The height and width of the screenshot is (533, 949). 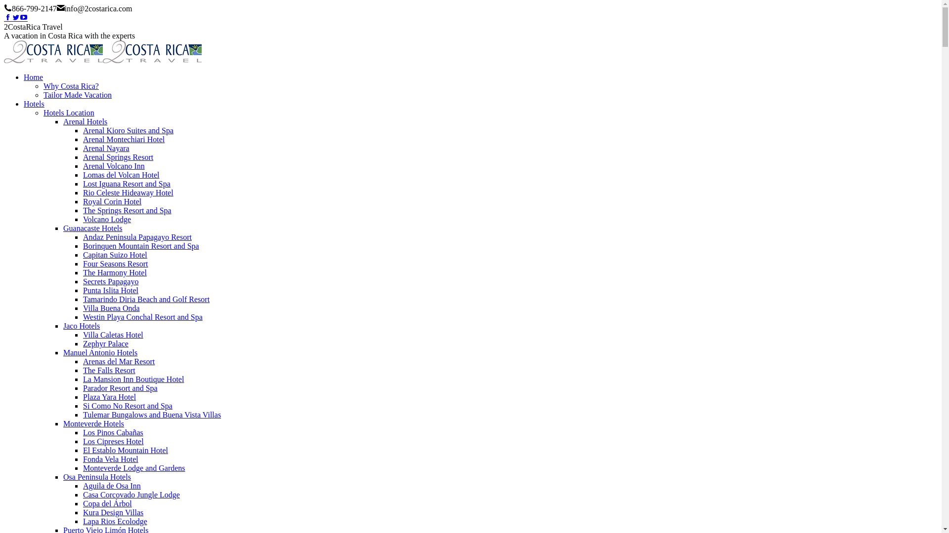 What do you see at coordinates (115, 521) in the screenshot?
I see `'Lapa Rios Ecolodge'` at bounding box center [115, 521].